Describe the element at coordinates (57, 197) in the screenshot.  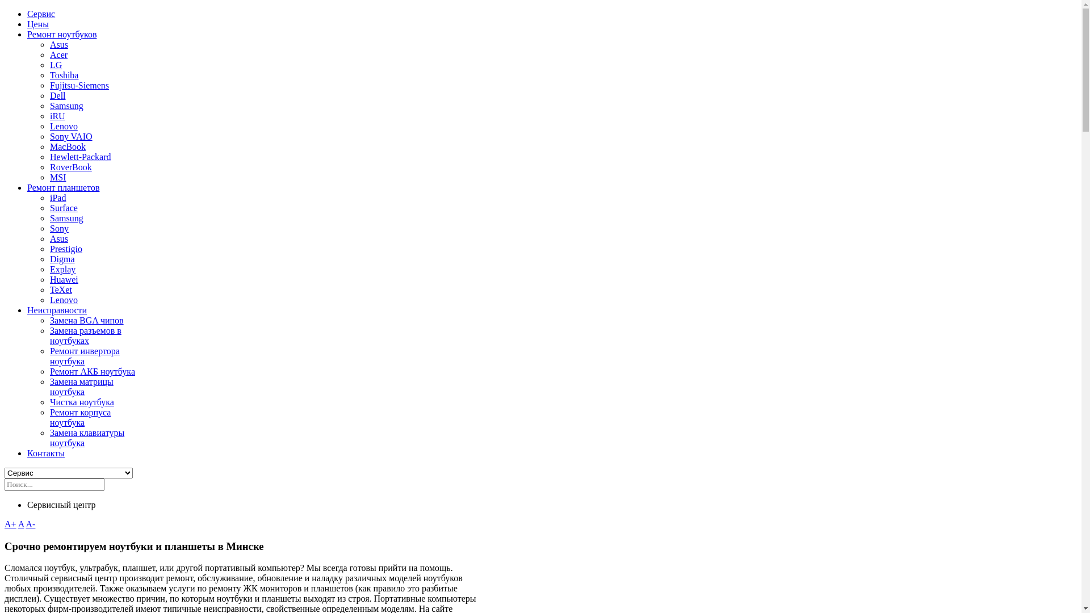
I see `'iPad'` at that location.